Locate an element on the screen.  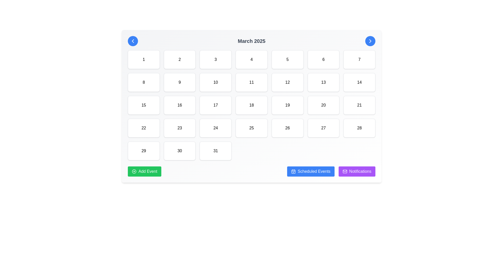
the calendar date cell representing the 23rd of the month, which has a white background and displays the number '23' in black text is located at coordinates (180, 128).